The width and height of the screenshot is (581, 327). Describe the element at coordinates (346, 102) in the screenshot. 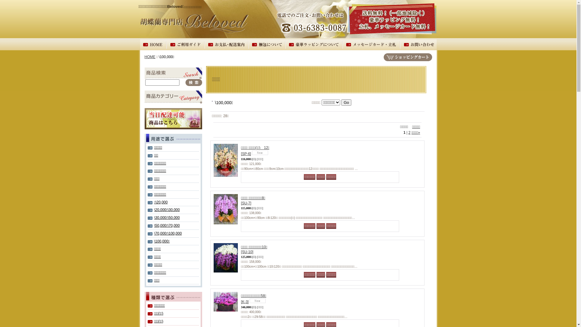

I see `'Go'` at that location.